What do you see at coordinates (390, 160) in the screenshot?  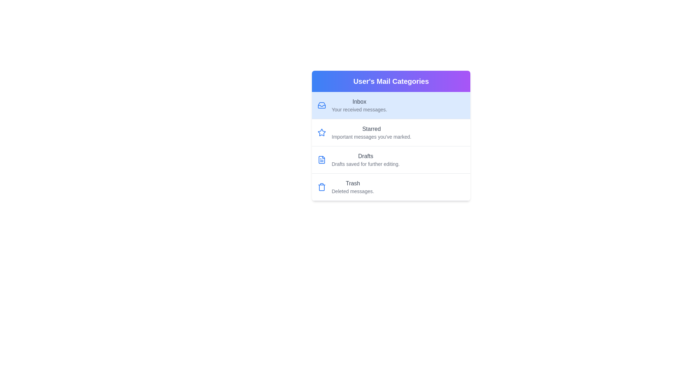 I see `the mail category item Drafts` at bounding box center [390, 160].